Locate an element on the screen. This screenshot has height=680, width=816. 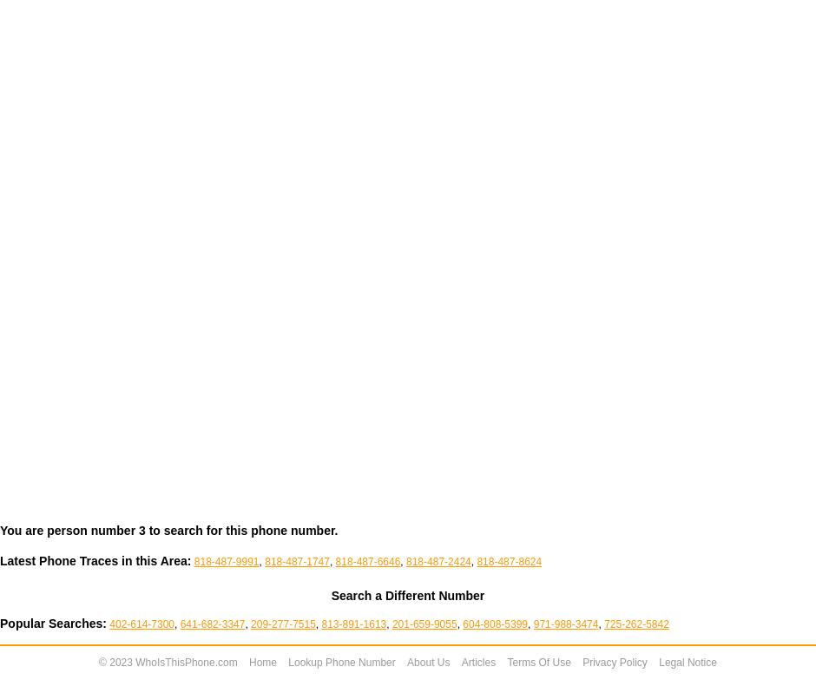
'725-262-5842' is located at coordinates (636, 624).